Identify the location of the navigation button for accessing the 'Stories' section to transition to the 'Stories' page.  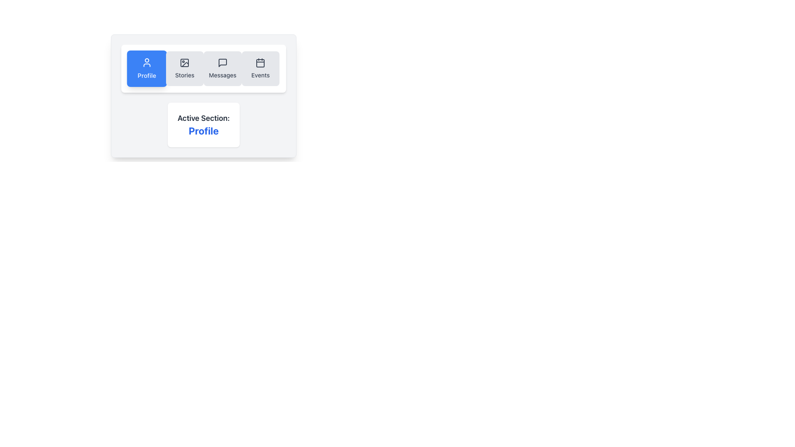
(184, 68).